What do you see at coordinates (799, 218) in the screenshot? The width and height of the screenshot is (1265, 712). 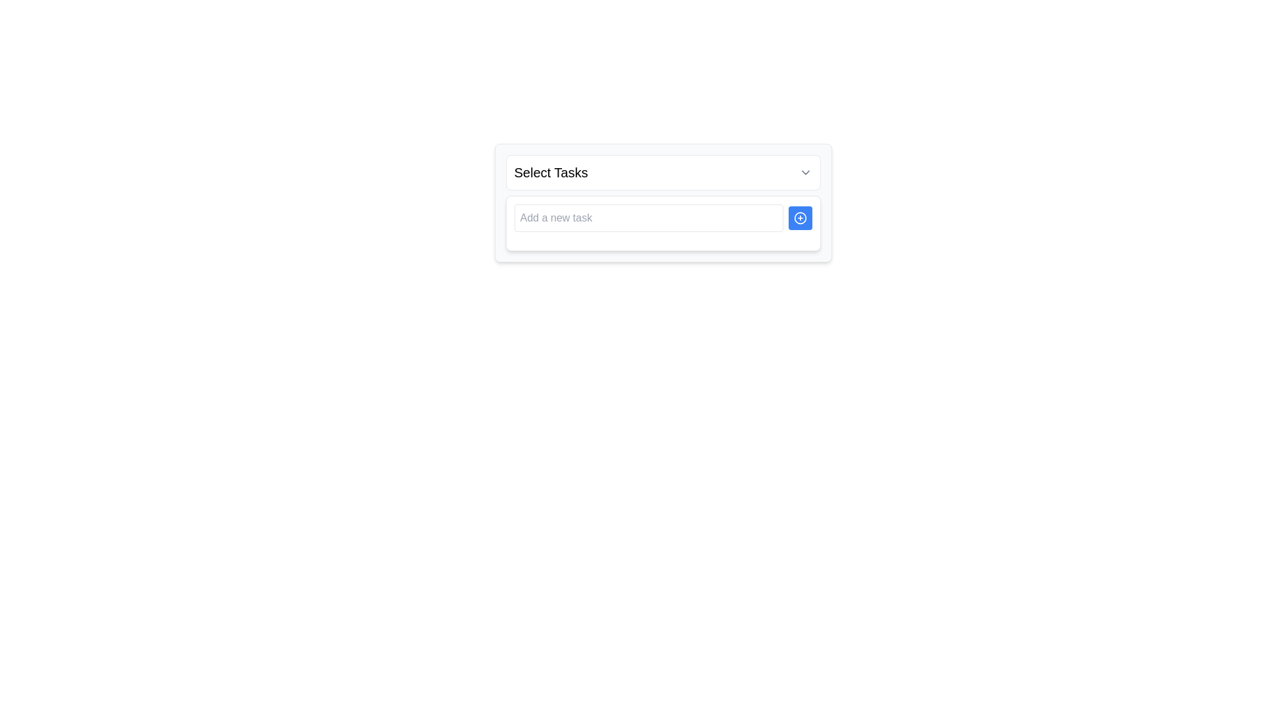 I see `the button with an SVG icon located to the right of the 'Add a new task' input field` at bounding box center [799, 218].